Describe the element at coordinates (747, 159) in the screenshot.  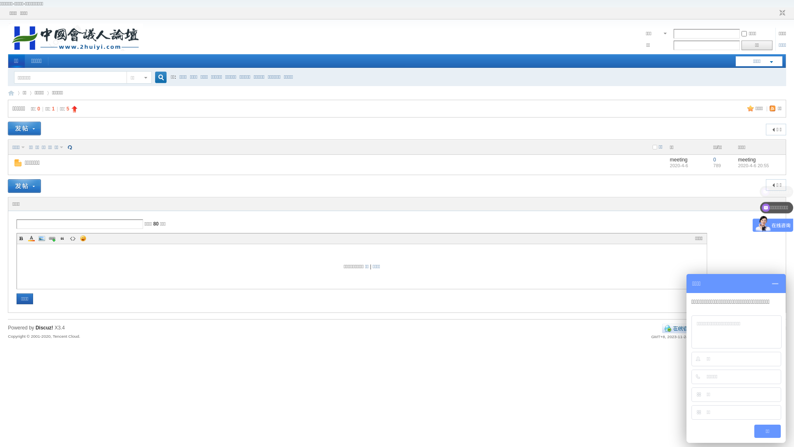
I see `'meeting'` at that location.